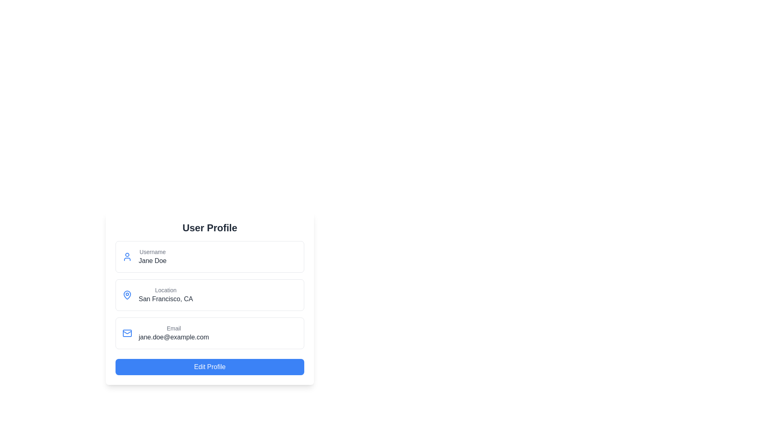 The image size is (781, 439). I want to click on the 'Username' text element displaying 'Jane Doe' located within the user information card, positioned under the profile icon and above the 'Location' section, so click(153, 257).